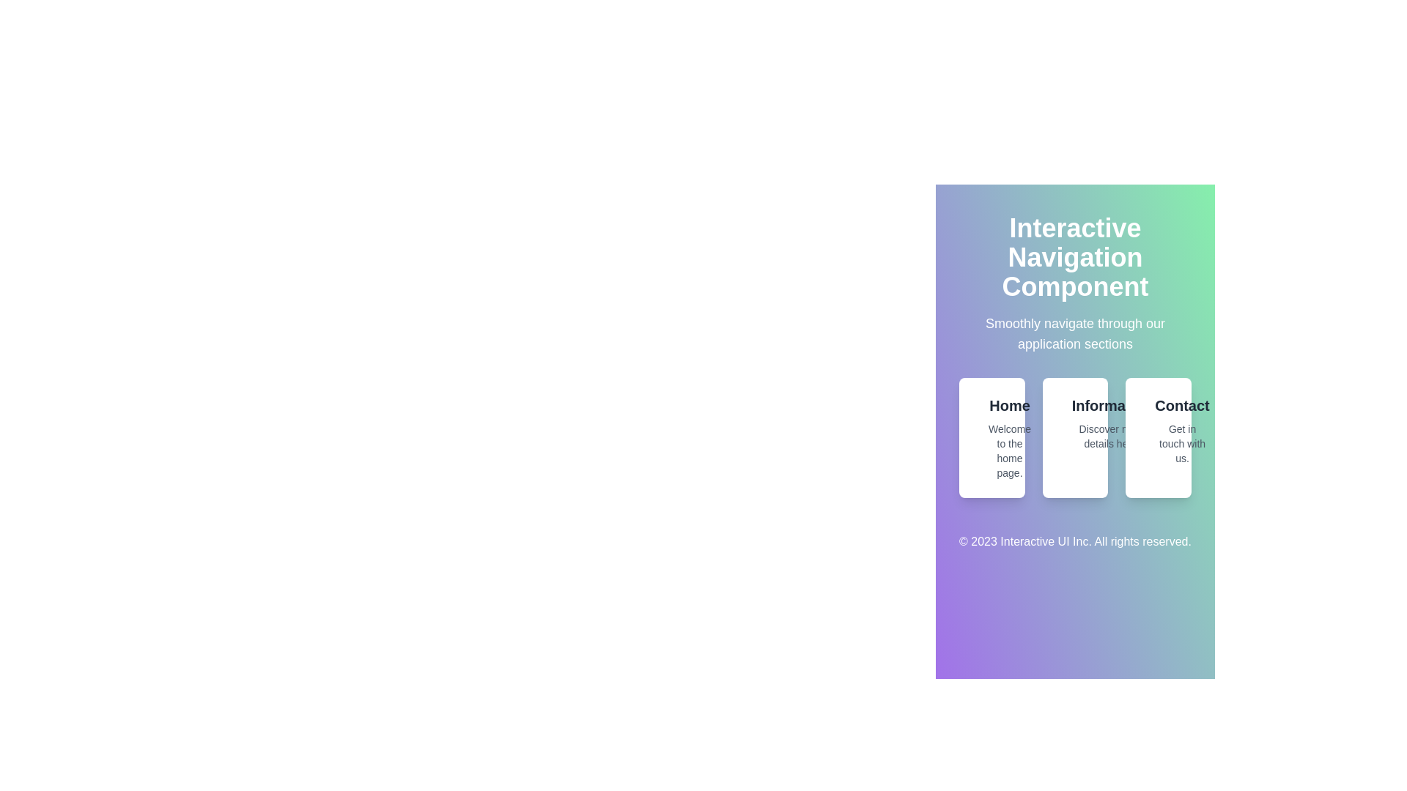 The width and height of the screenshot is (1407, 791). Describe the element at coordinates (1112, 423) in the screenshot. I see `the 'Information' text group within the card component` at that location.